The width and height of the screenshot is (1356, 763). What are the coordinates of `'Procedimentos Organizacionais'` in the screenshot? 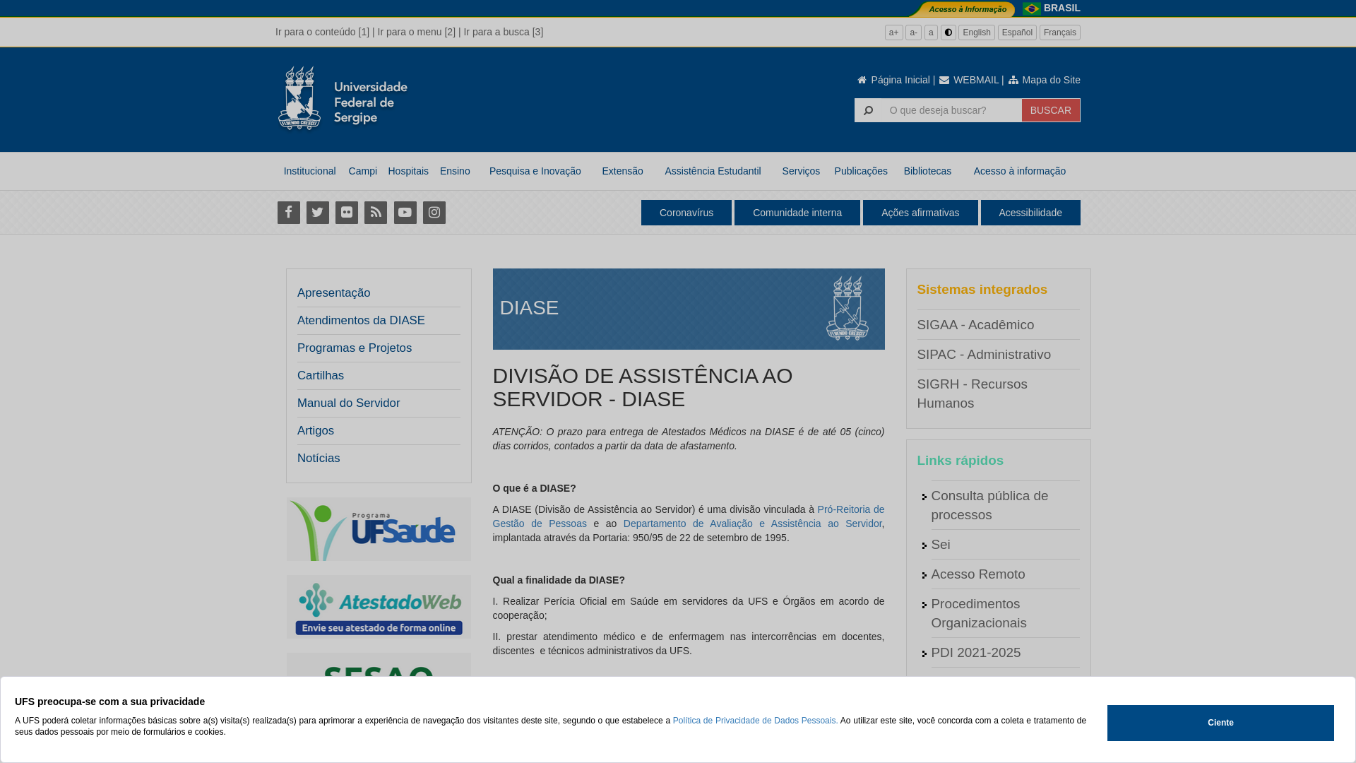 It's located at (977, 612).